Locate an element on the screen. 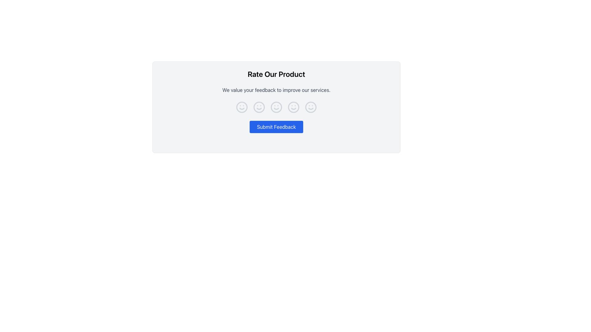 This screenshot has height=332, width=591. the second icon from the left, which is a round neutral face icon styled simple gray on a white background is located at coordinates (259, 107).